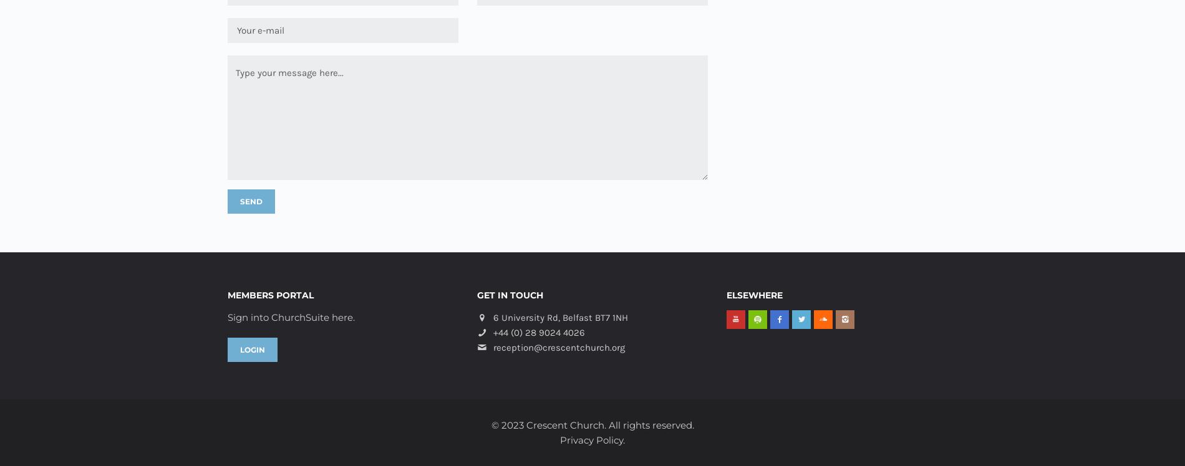 Image resolution: width=1185 pixels, height=466 pixels. What do you see at coordinates (592, 439) in the screenshot?
I see `'Privacy Policy.'` at bounding box center [592, 439].